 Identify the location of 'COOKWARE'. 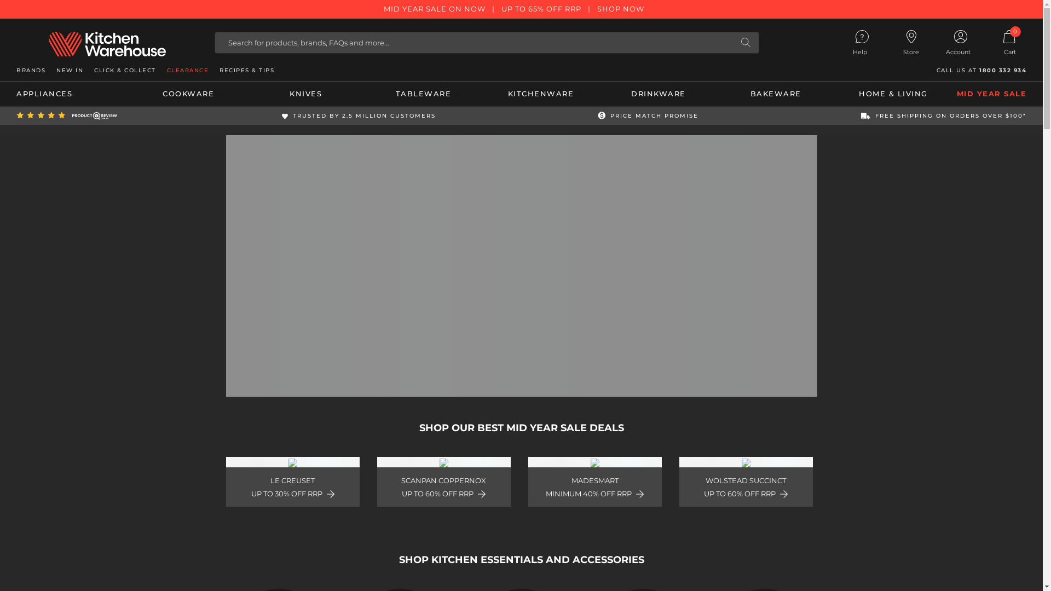
(133, 94).